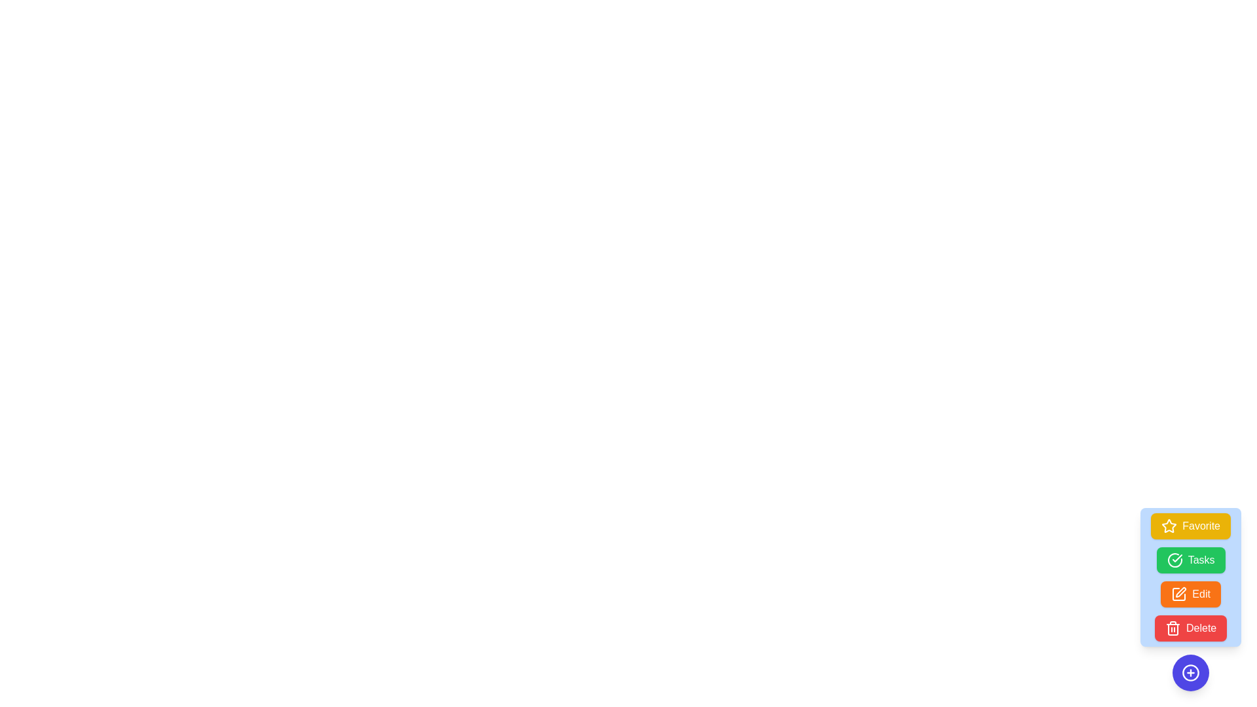 The width and height of the screenshot is (1257, 707). I want to click on the orange 'Edit' button with white text and a pen icon, so click(1191, 594).